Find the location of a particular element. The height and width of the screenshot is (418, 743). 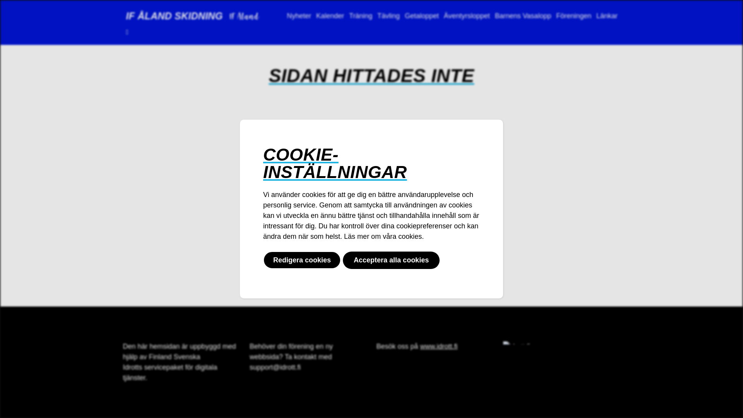

'Acceptera alla cookies' is located at coordinates (391, 260).